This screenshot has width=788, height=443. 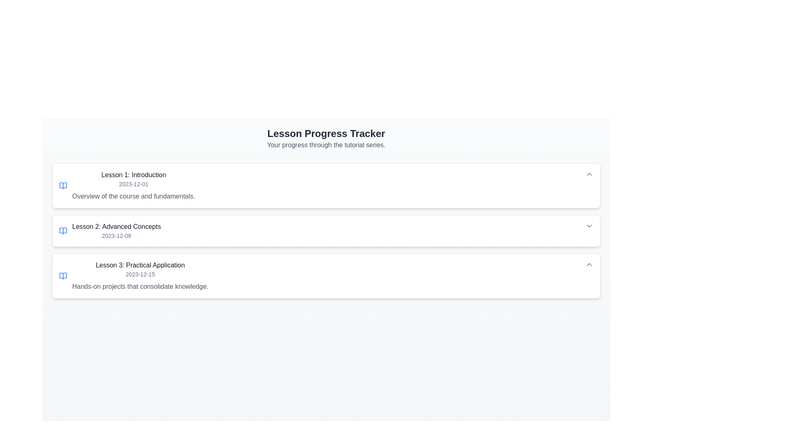 What do you see at coordinates (62, 185) in the screenshot?
I see `the blue open book icon located to the left of the text 'Lesson 1: Introduction 2023-12-01 Overview of the course and fundamentals.'` at bounding box center [62, 185].